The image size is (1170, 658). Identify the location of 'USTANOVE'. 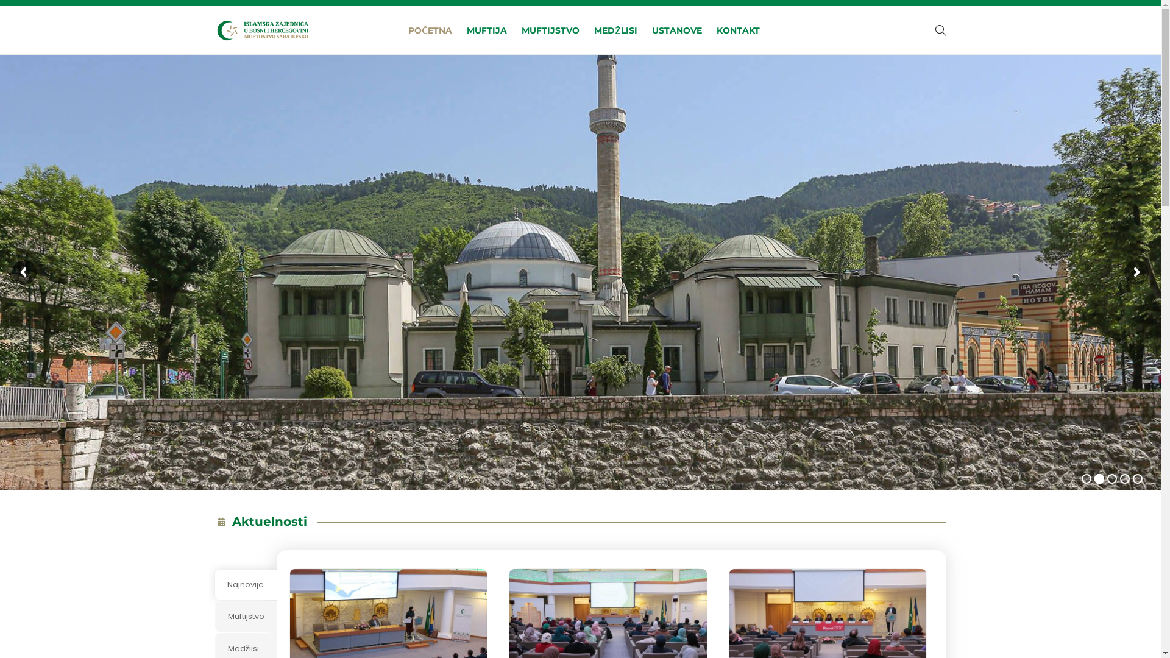
(651, 30).